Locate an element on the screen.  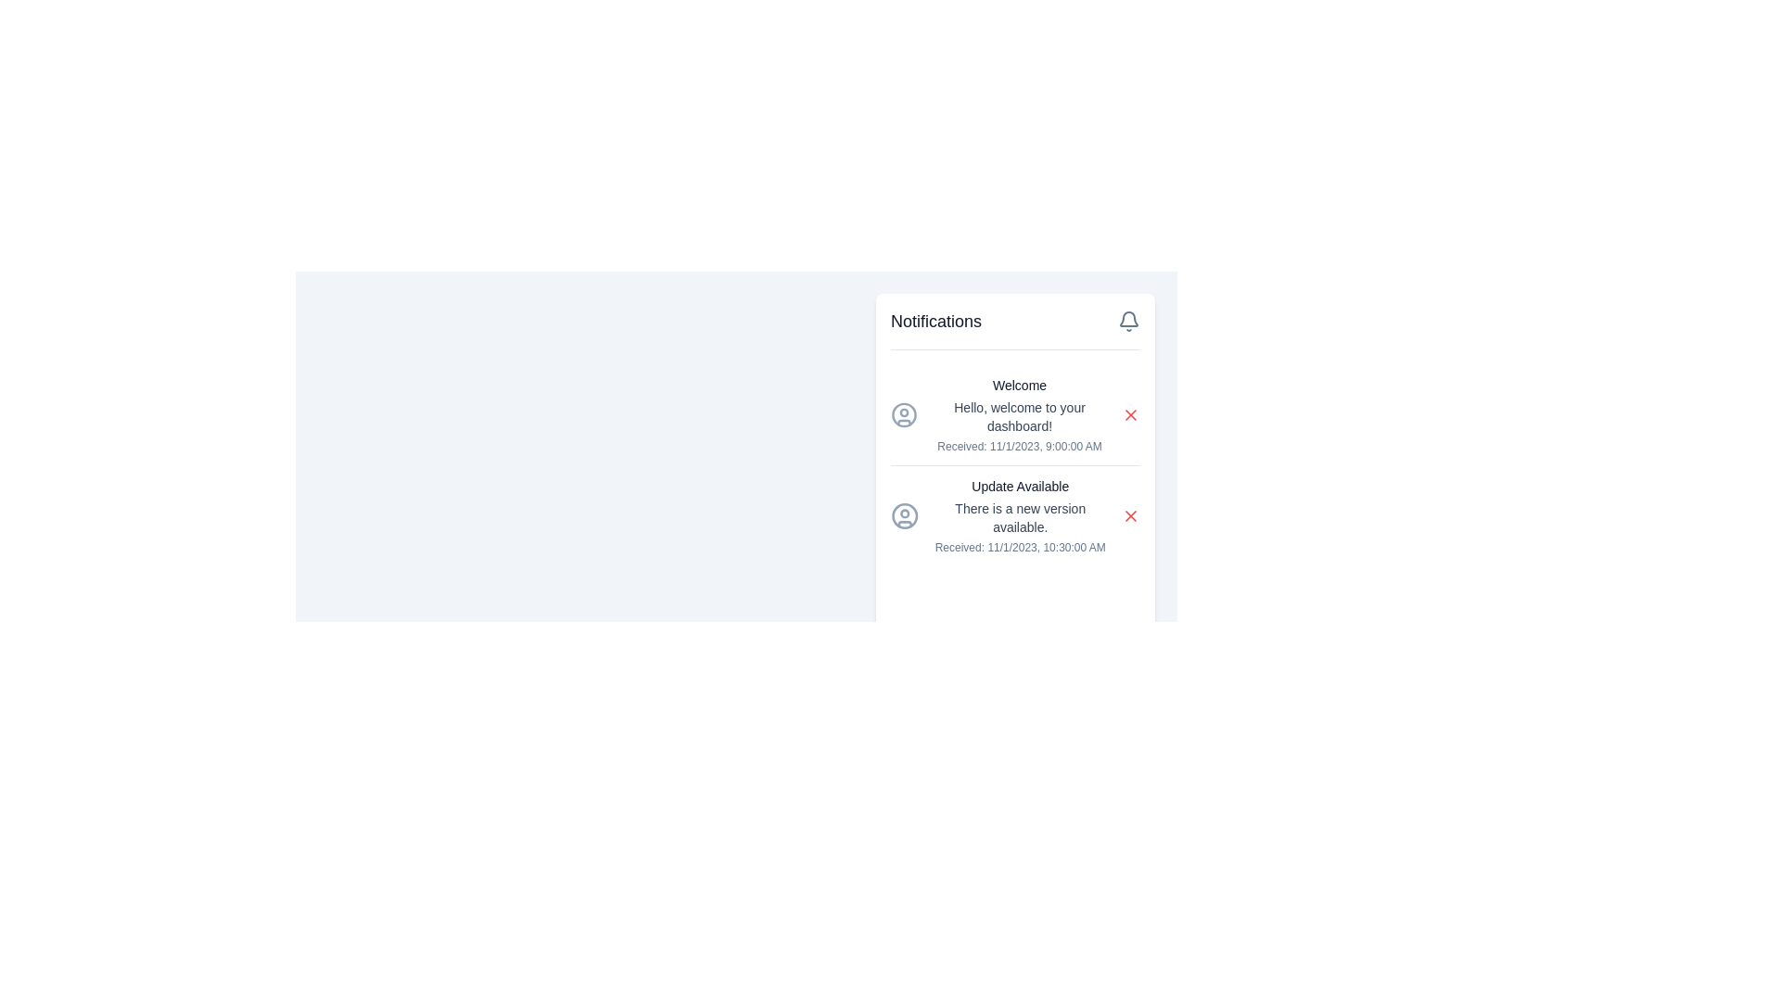
text element displaying 'Hello, welcome to your dashboard!' located in the notification card in the right sidebar below the heading 'Welcome' is located at coordinates (1018, 417).